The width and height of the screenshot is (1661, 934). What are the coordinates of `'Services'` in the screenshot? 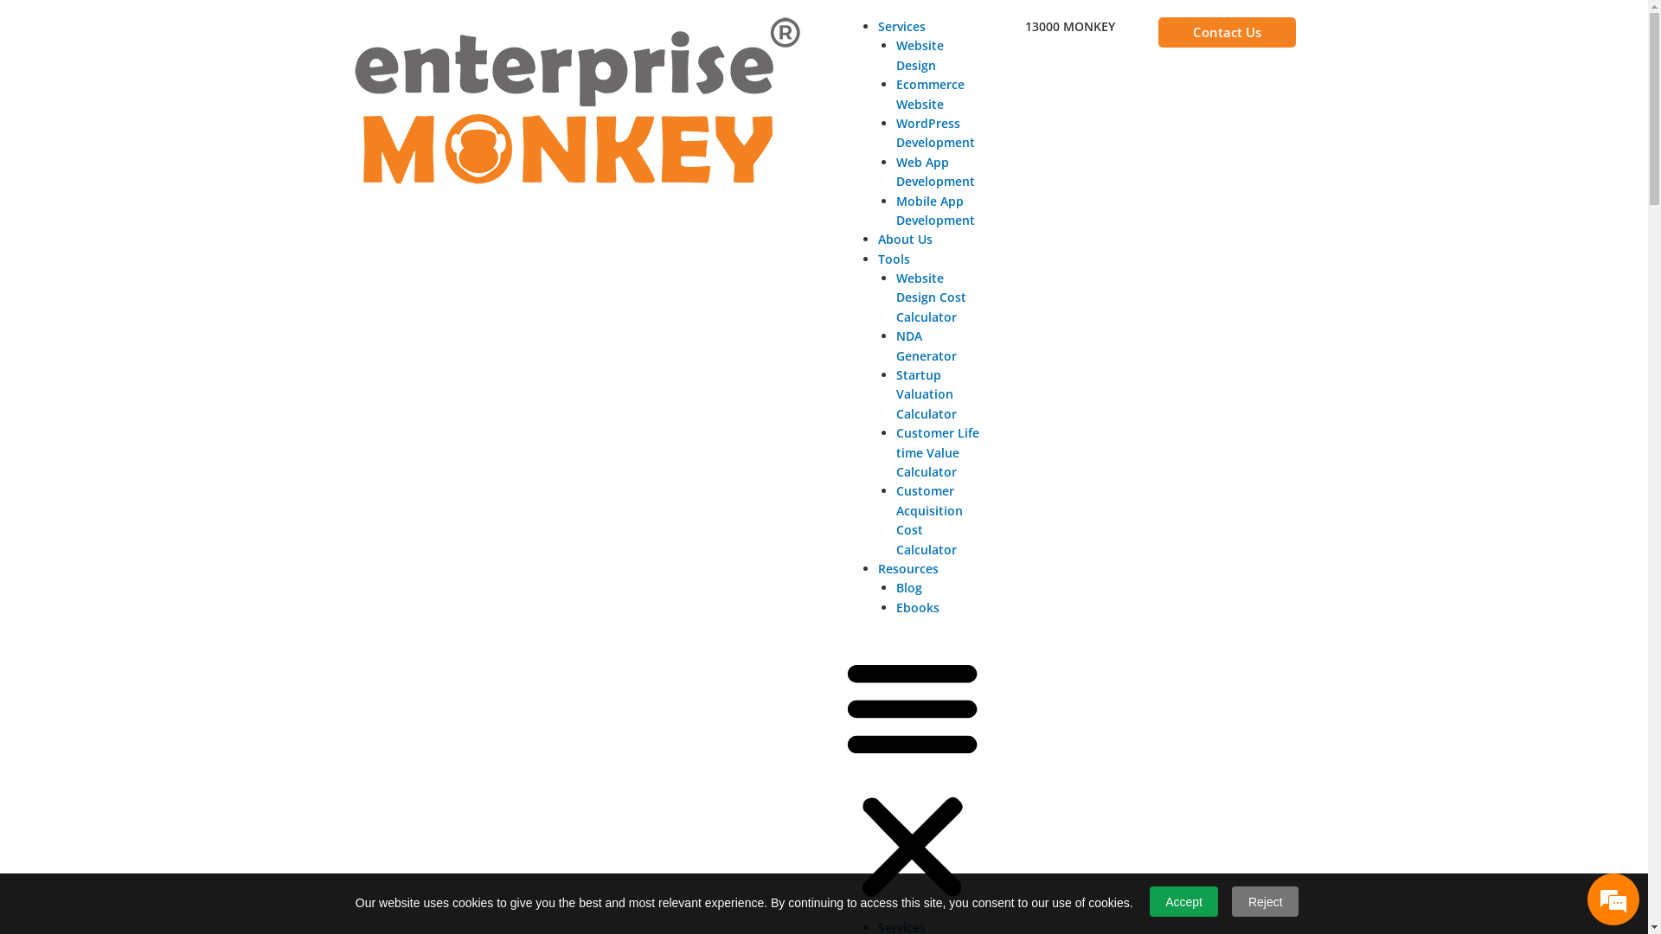 It's located at (900, 26).